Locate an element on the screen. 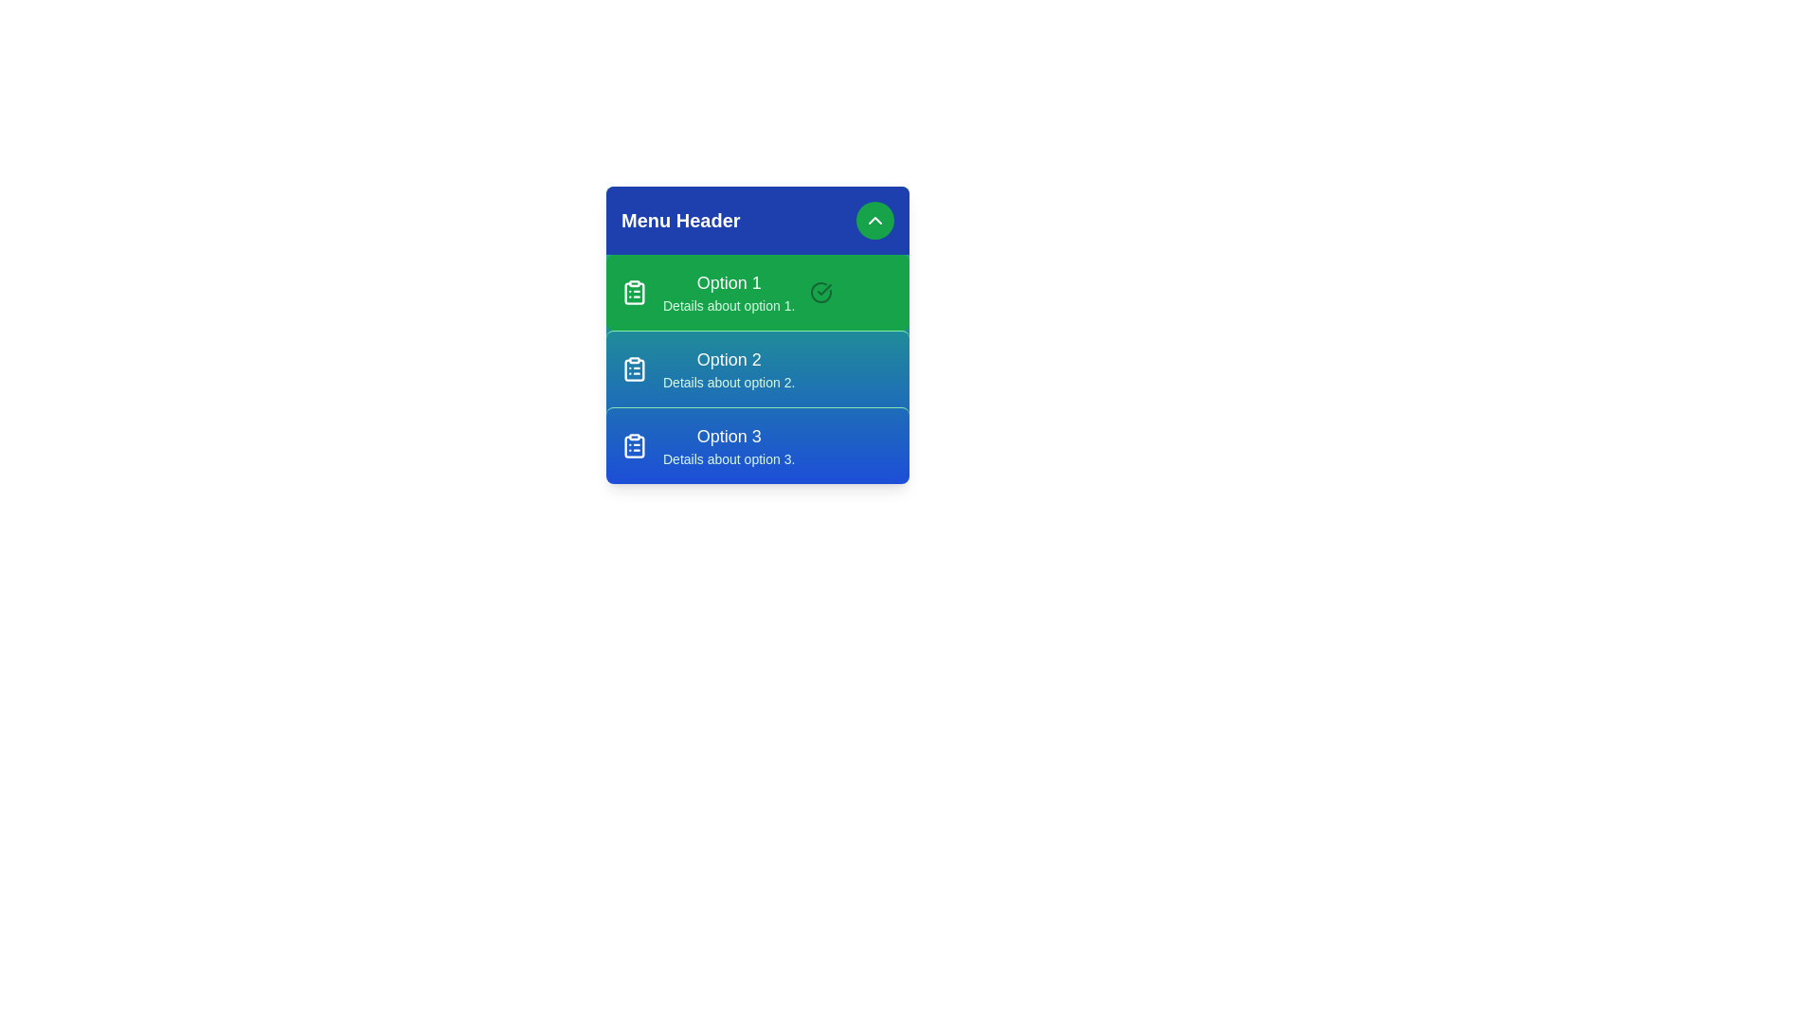 The height and width of the screenshot is (1023, 1819). the menu option Option 1 to reveal its description is located at coordinates (758, 292).